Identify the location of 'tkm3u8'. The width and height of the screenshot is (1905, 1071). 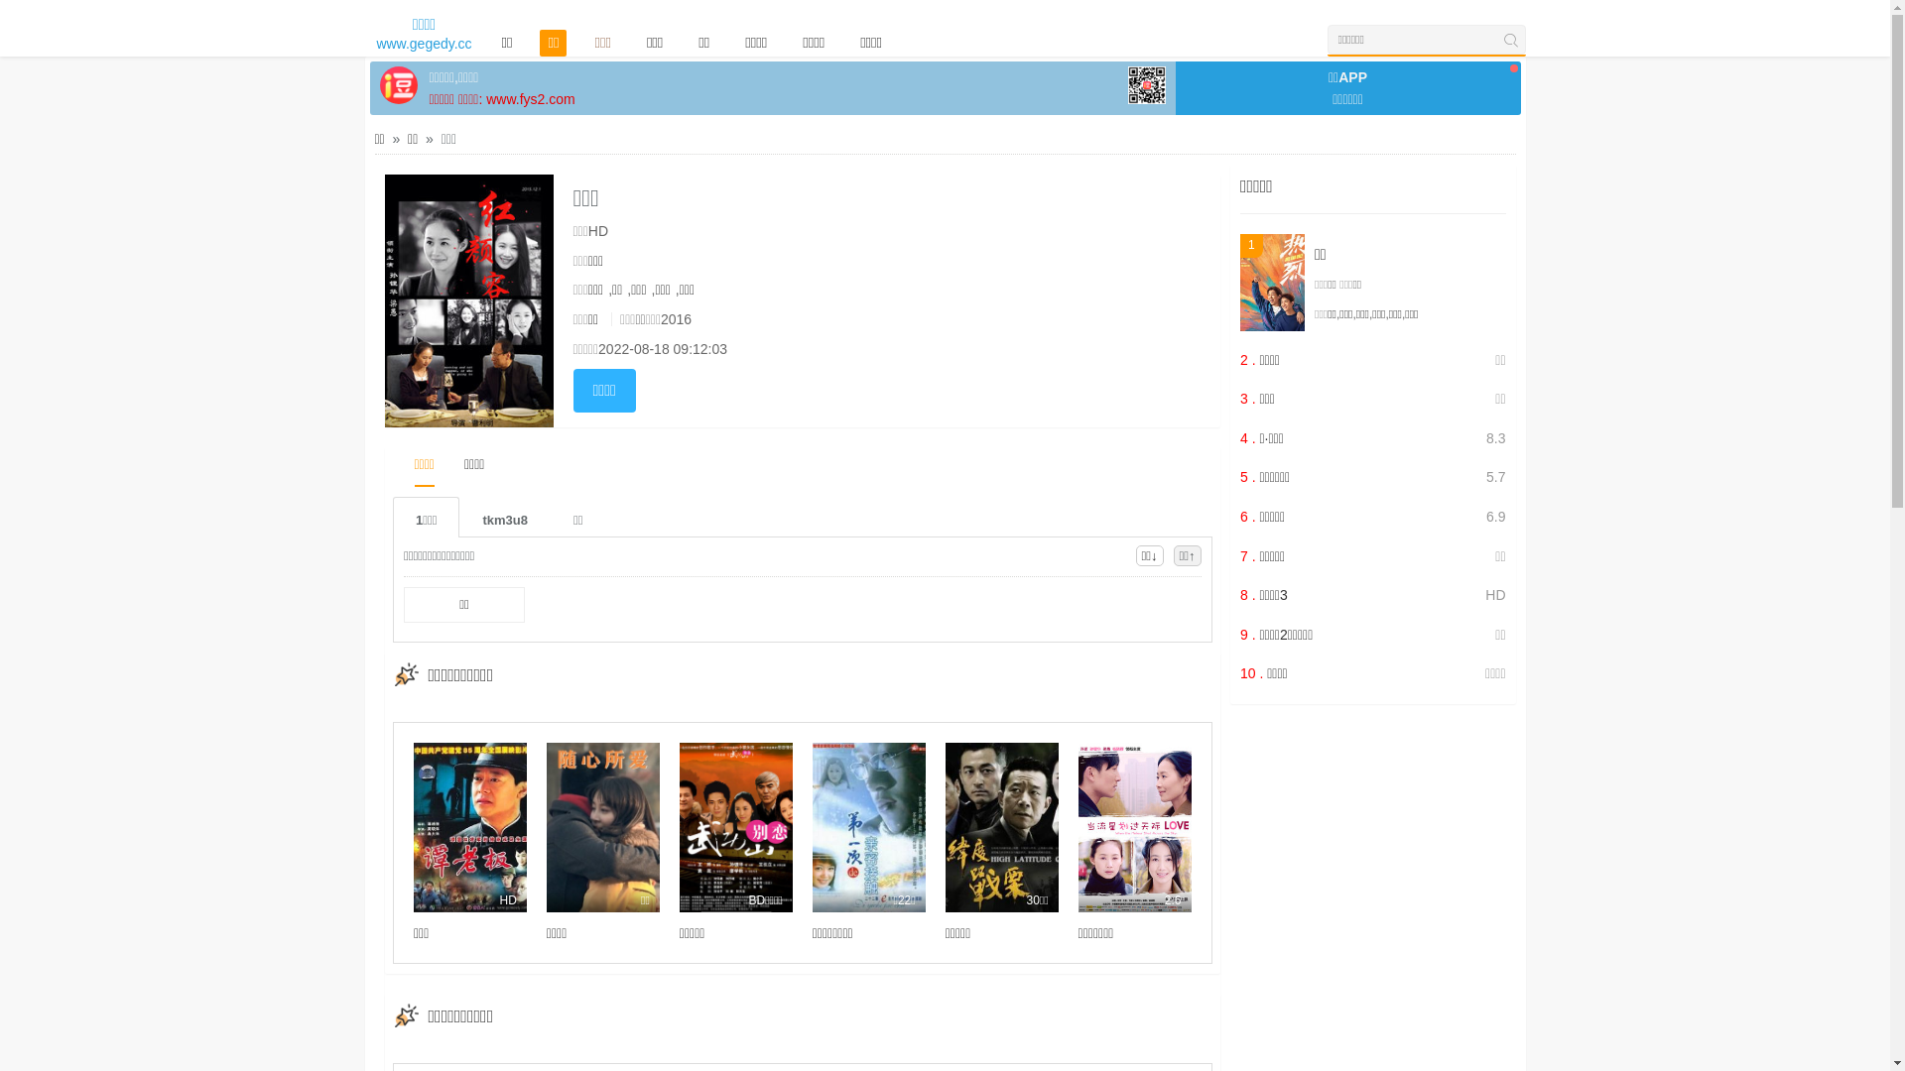
(504, 516).